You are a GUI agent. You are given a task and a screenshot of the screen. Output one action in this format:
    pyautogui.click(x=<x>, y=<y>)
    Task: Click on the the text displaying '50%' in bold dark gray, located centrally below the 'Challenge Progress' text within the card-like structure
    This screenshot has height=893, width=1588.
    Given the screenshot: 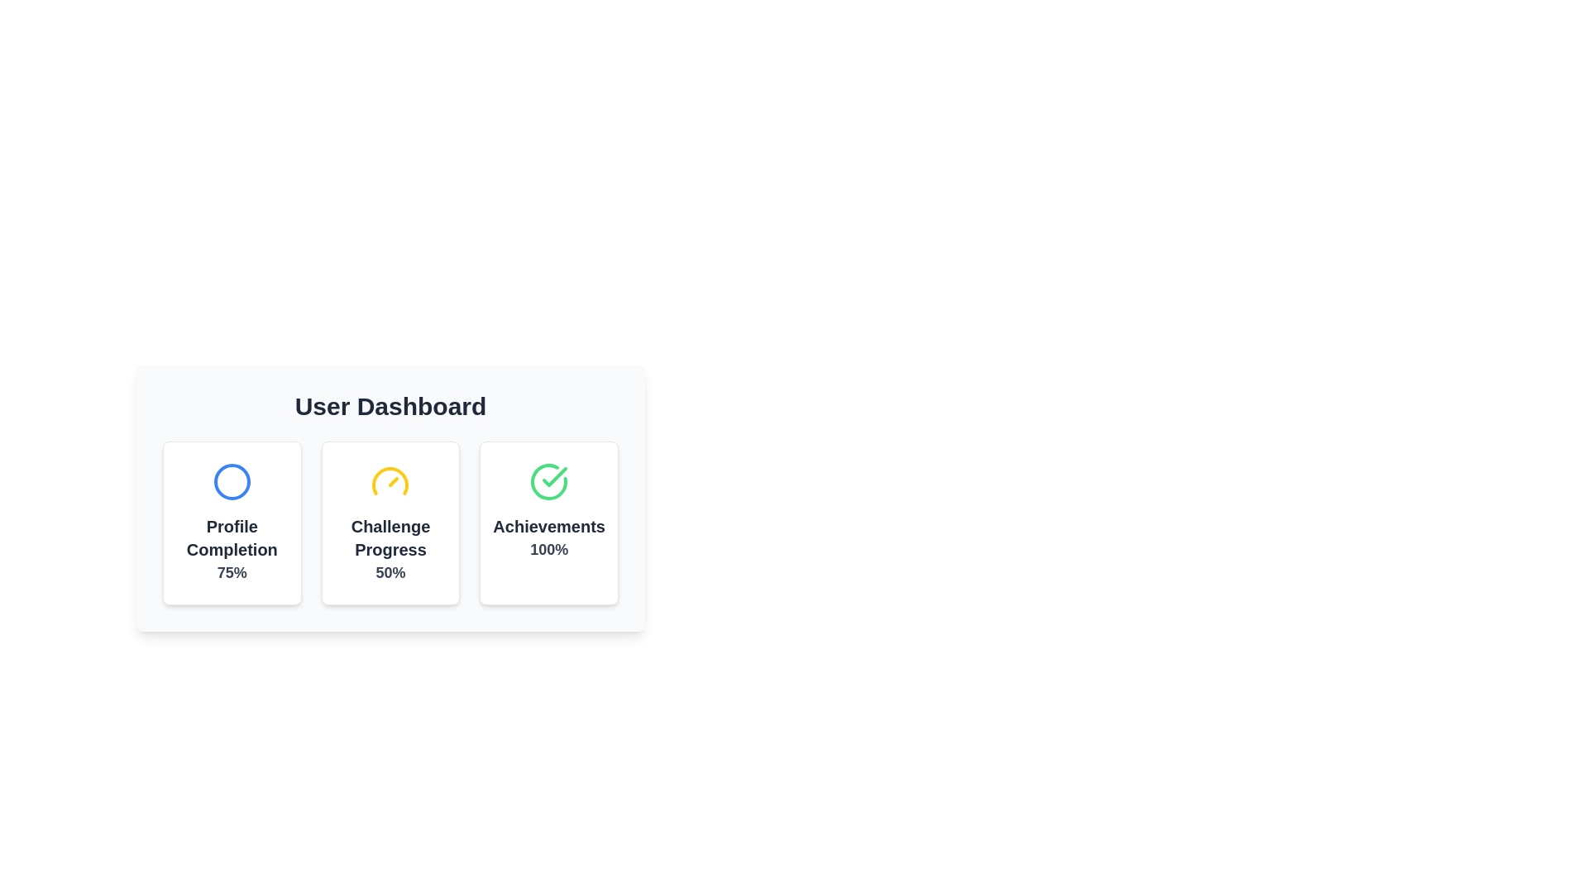 What is the action you would take?
    pyautogui.click(x=390, y=572)
    